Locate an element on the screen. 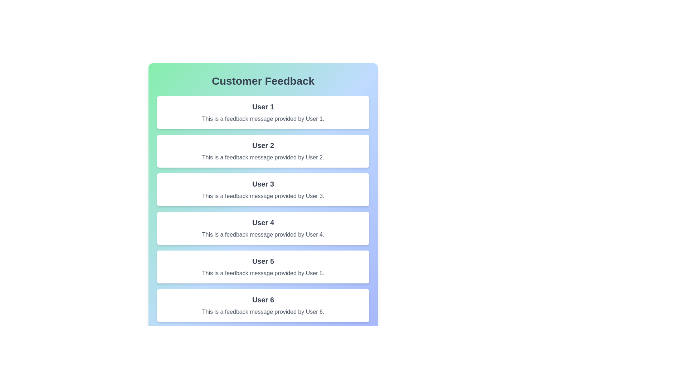 This screenshot has width=687, height=386. the text label displaying 'User 4', which is positioned at the top center of the feedback card with a white background and rounded corners is located at coordinates (263, 222).